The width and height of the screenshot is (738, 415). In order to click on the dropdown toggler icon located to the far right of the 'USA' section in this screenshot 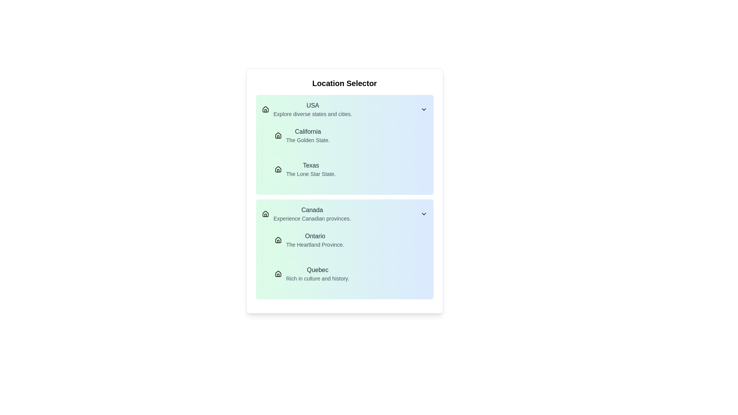, I will do `click(423, 110)`.